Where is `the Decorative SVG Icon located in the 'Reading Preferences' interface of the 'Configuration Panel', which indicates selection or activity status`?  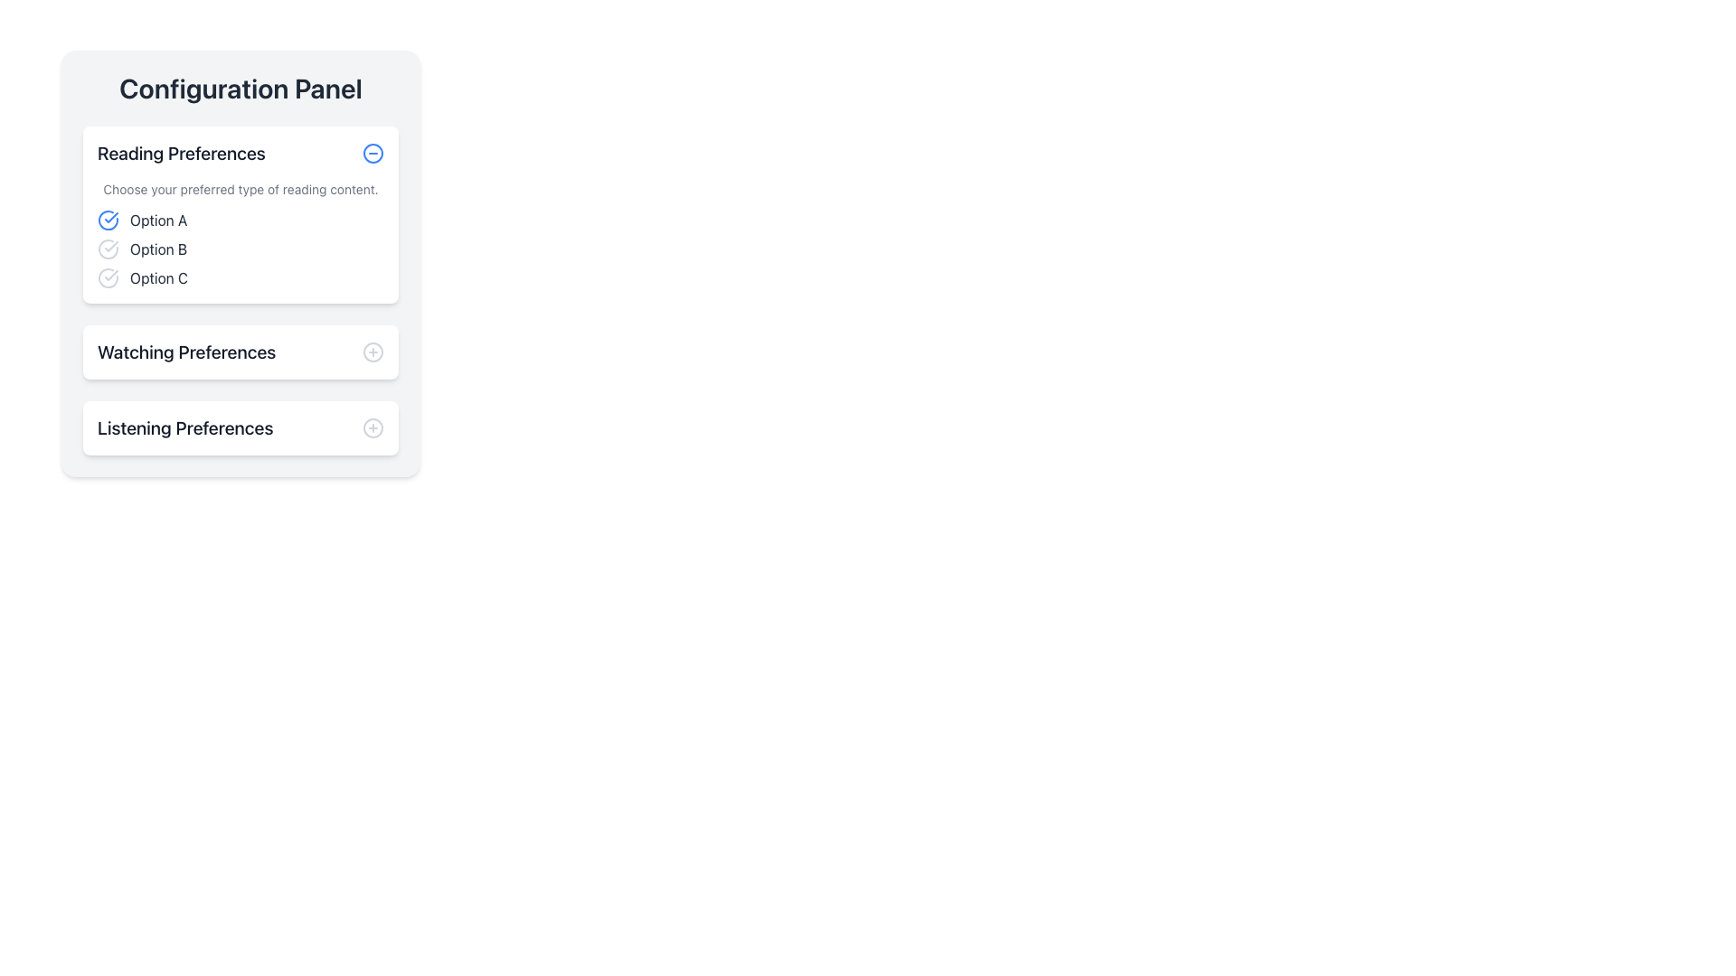
the Decorative SVG Icon located in the 'Reading Preferences' interface of the 'Configuration Panel', which indicates selection or activity status is located at coordinates (110, 275).